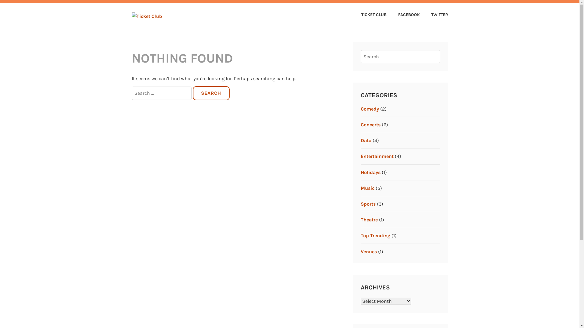 The height and width of the screenshot is (328, 584). What do you see at coordinates (211, 93) in the screenshot?
I see `'Search'` at bounding box center [211, 93].